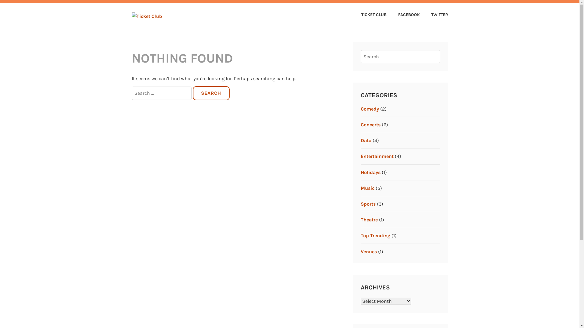 The height and width of the screenshot is (328, 584). What do you see at coordinates (211, 93) in the screenshot?
I see `'Search'` at bounding box center [211, 93].